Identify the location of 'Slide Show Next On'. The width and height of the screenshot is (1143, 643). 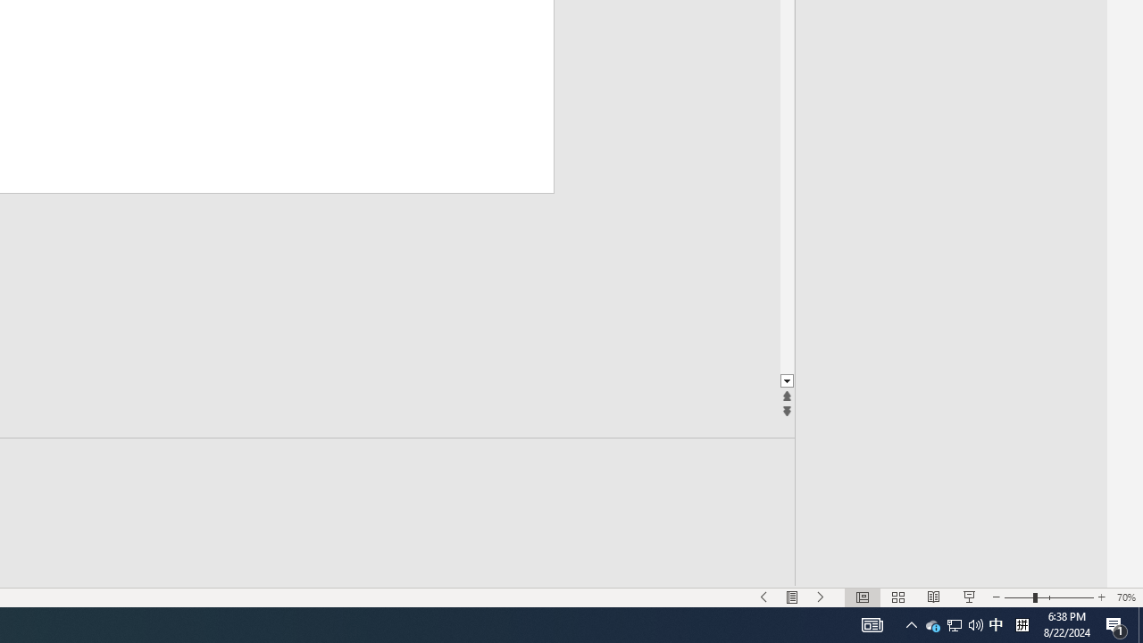
(820, 597).